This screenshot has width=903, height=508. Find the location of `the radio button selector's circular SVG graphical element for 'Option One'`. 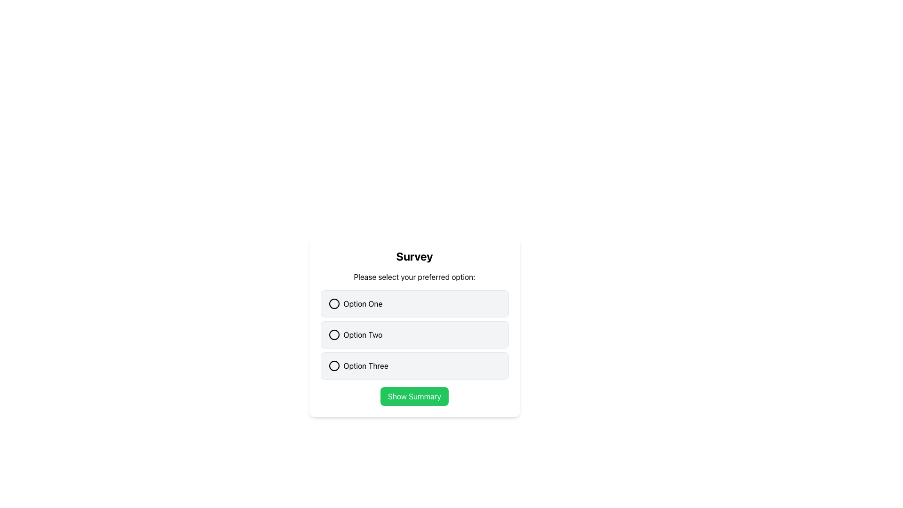

the radio button selector's circular SVG graphical element for 'Option One' is located at coordinates (334, 303).